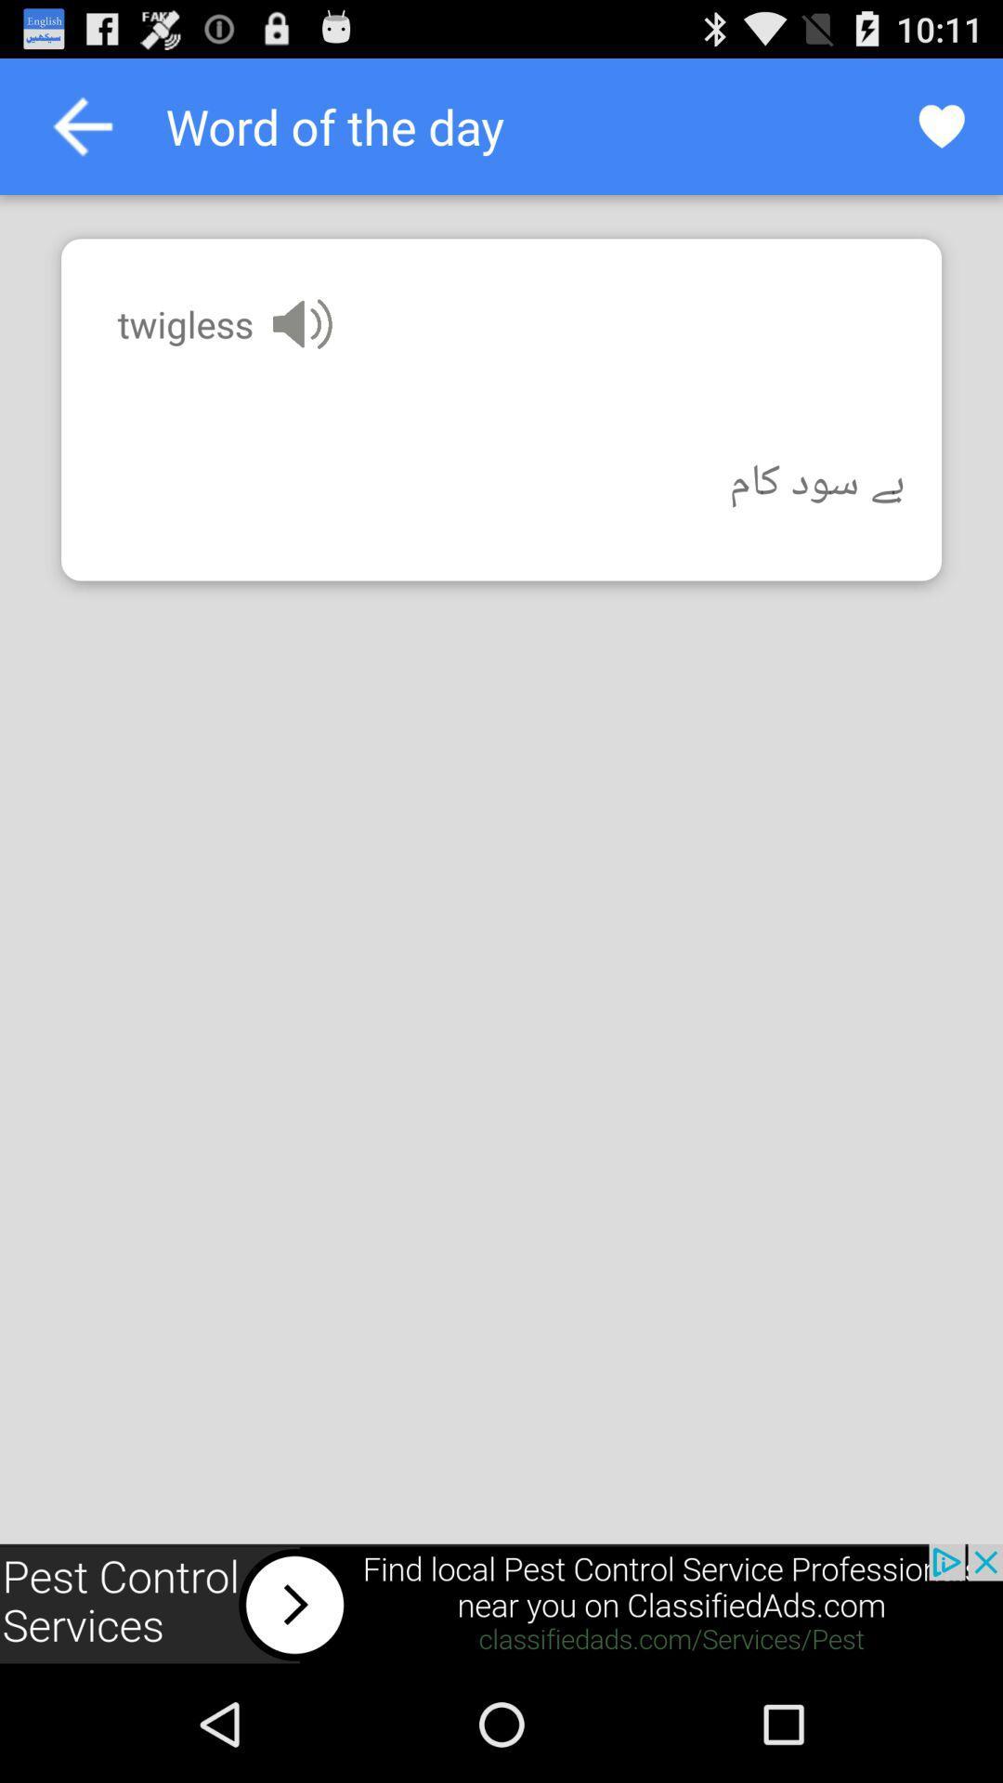 The height and width of the screenshot is (1783, 1003). Describe the element at coordinates (501, 1604) in the screenshot. I see `advertisement about pest control services` at that location.